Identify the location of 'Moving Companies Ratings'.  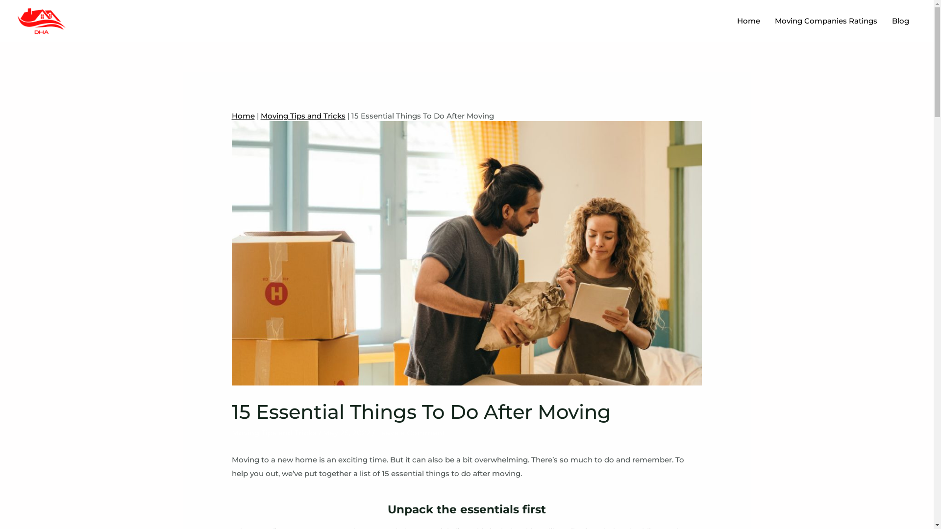
(825, 21).